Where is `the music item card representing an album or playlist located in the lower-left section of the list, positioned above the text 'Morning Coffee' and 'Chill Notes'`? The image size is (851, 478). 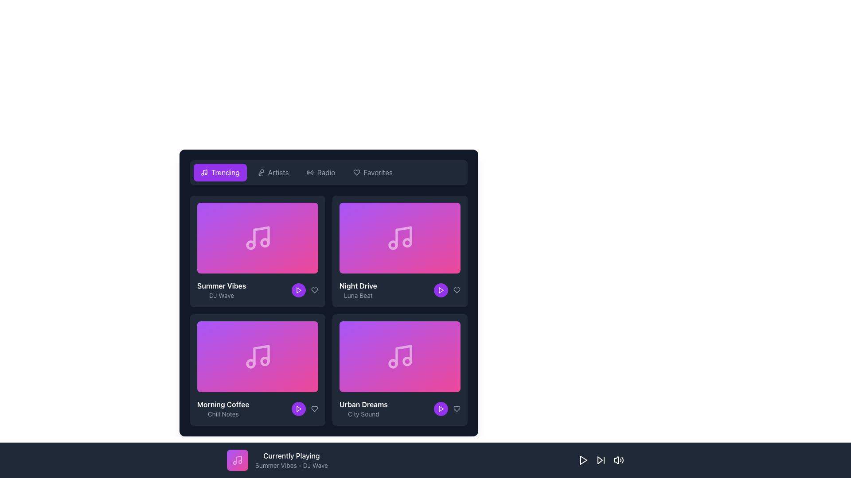 the music item card representing an album or playlist located in the lower-left section of the list, positioned above the text 'Morning Coffee' and 'Chill Notes' is located at coordinates (257, 356).